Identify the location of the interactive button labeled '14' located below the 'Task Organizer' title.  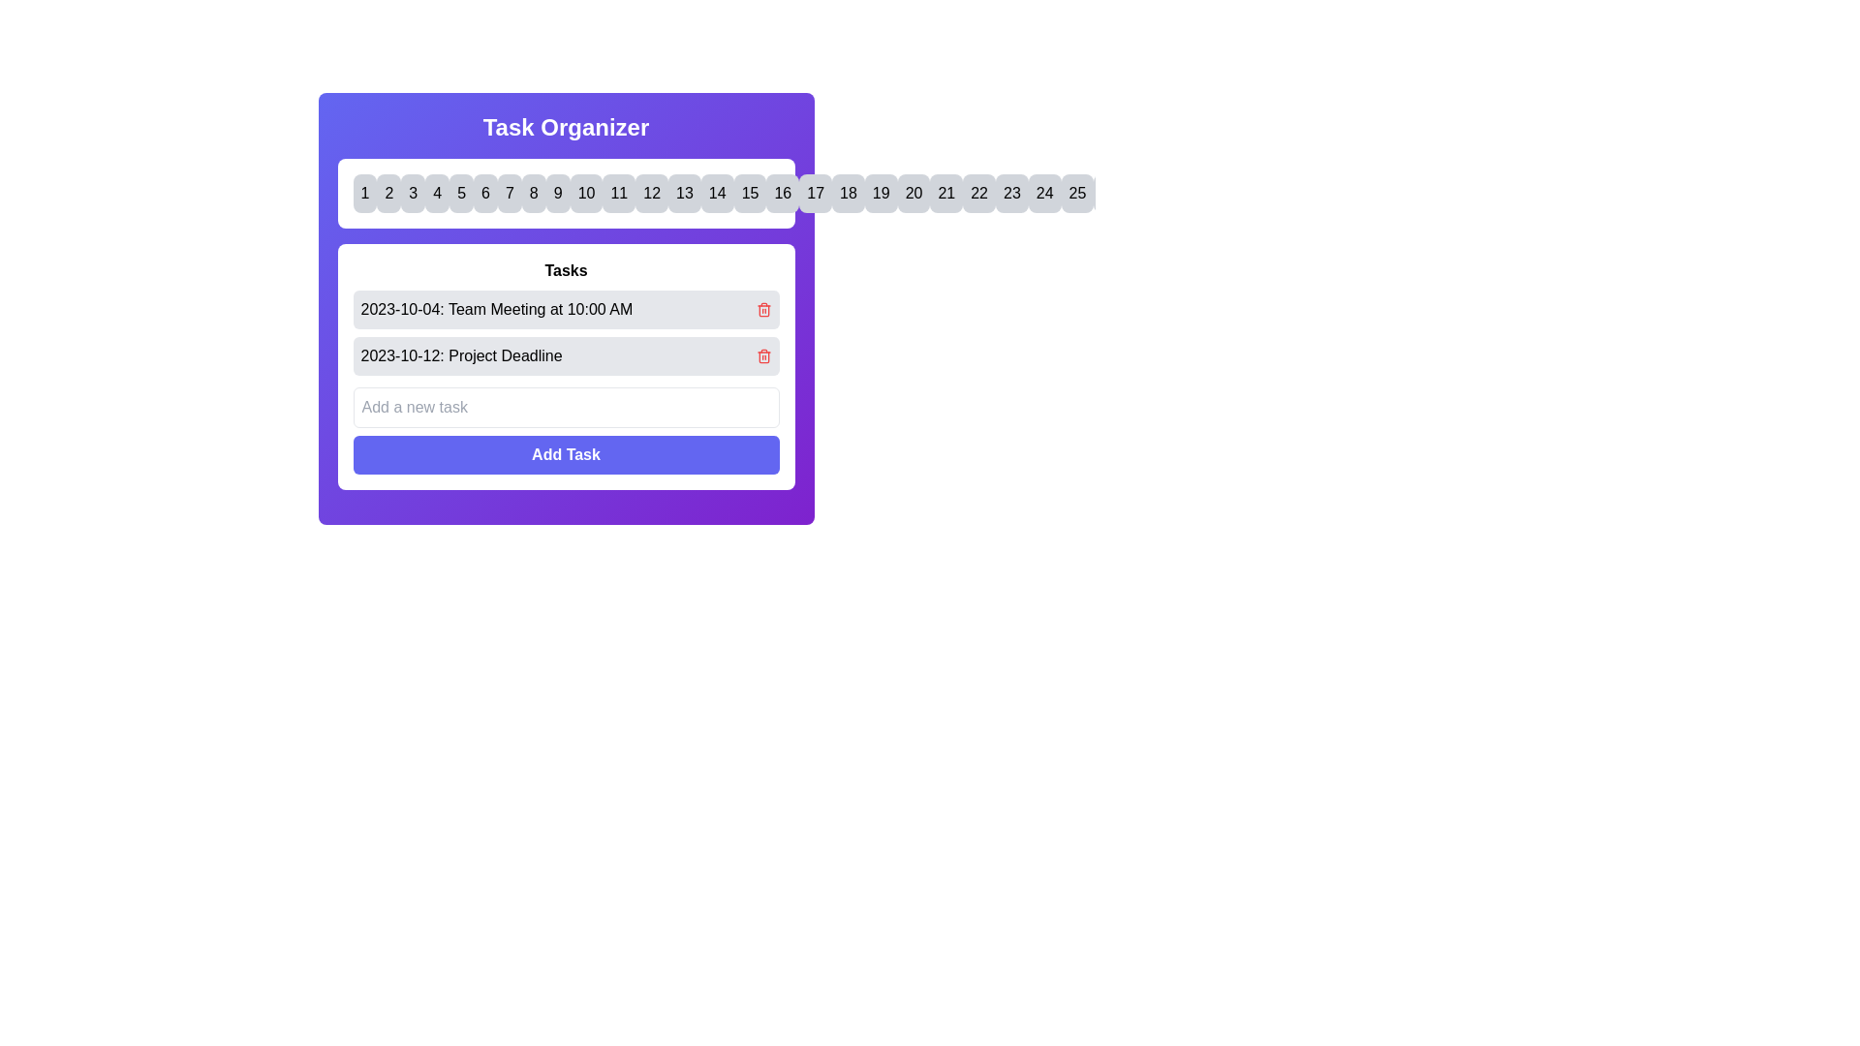
(716, 194).